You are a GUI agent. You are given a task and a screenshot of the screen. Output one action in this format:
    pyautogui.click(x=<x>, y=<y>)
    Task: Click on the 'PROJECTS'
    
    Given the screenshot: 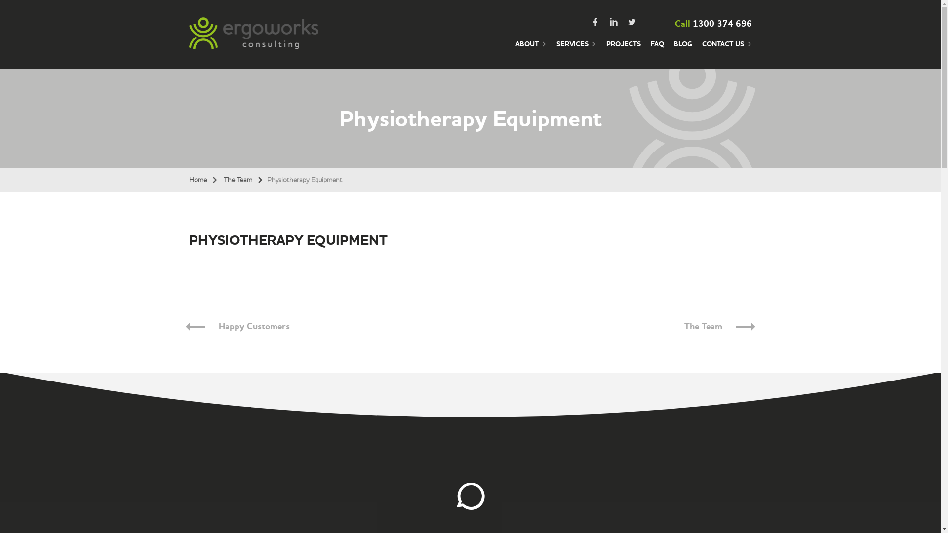 What is the action you would take?
    pyautogui.click(x=606, y=49)
    